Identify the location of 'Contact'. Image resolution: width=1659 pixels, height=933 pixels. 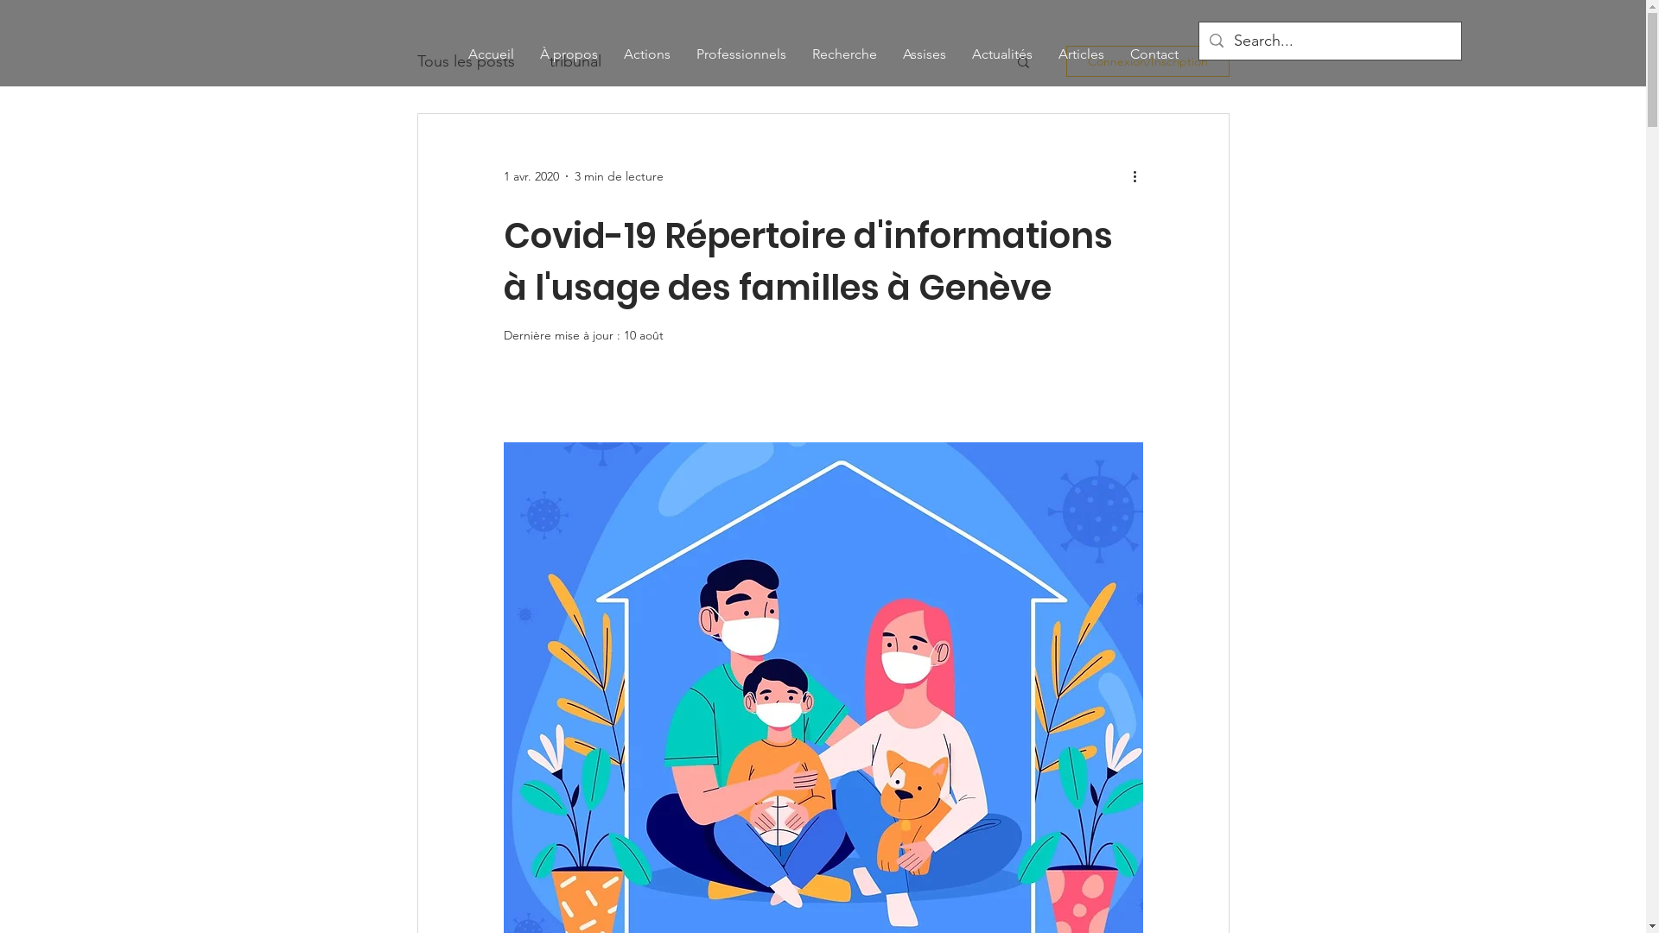
(1153, 53).